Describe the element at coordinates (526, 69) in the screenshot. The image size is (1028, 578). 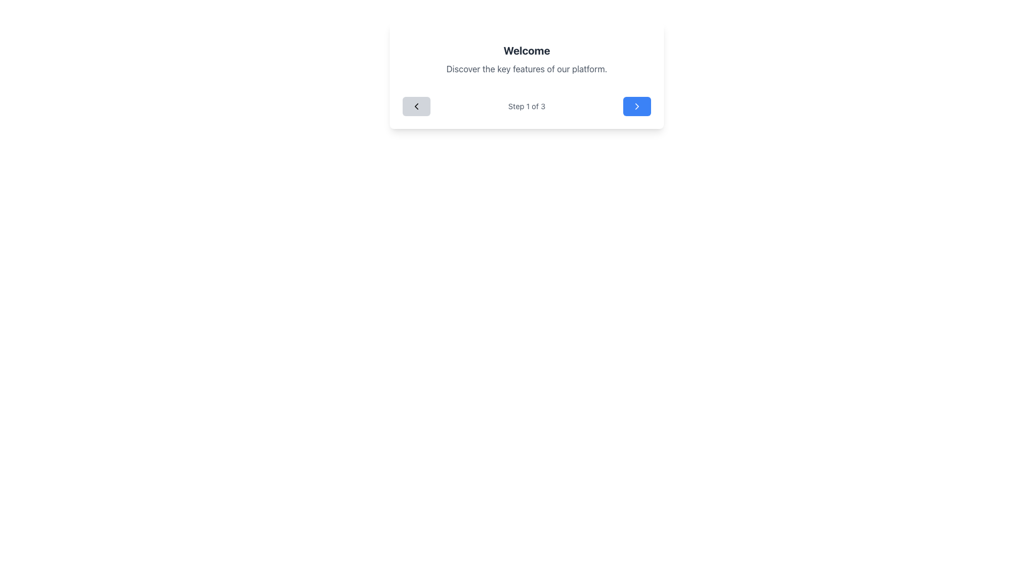
I see `the static text element that contains the sentence 'Discover the key features of our platform.', which is positioned directly below the bold 'Welcome' title` at that location.